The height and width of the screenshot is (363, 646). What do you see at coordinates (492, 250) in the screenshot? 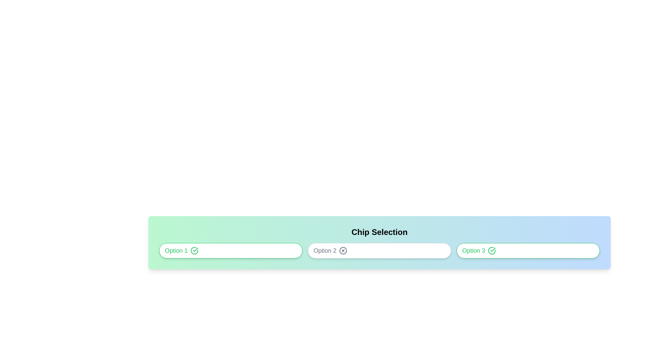
I see `the icon within the chip labeled Option 3` at bounding box center [492, 250].